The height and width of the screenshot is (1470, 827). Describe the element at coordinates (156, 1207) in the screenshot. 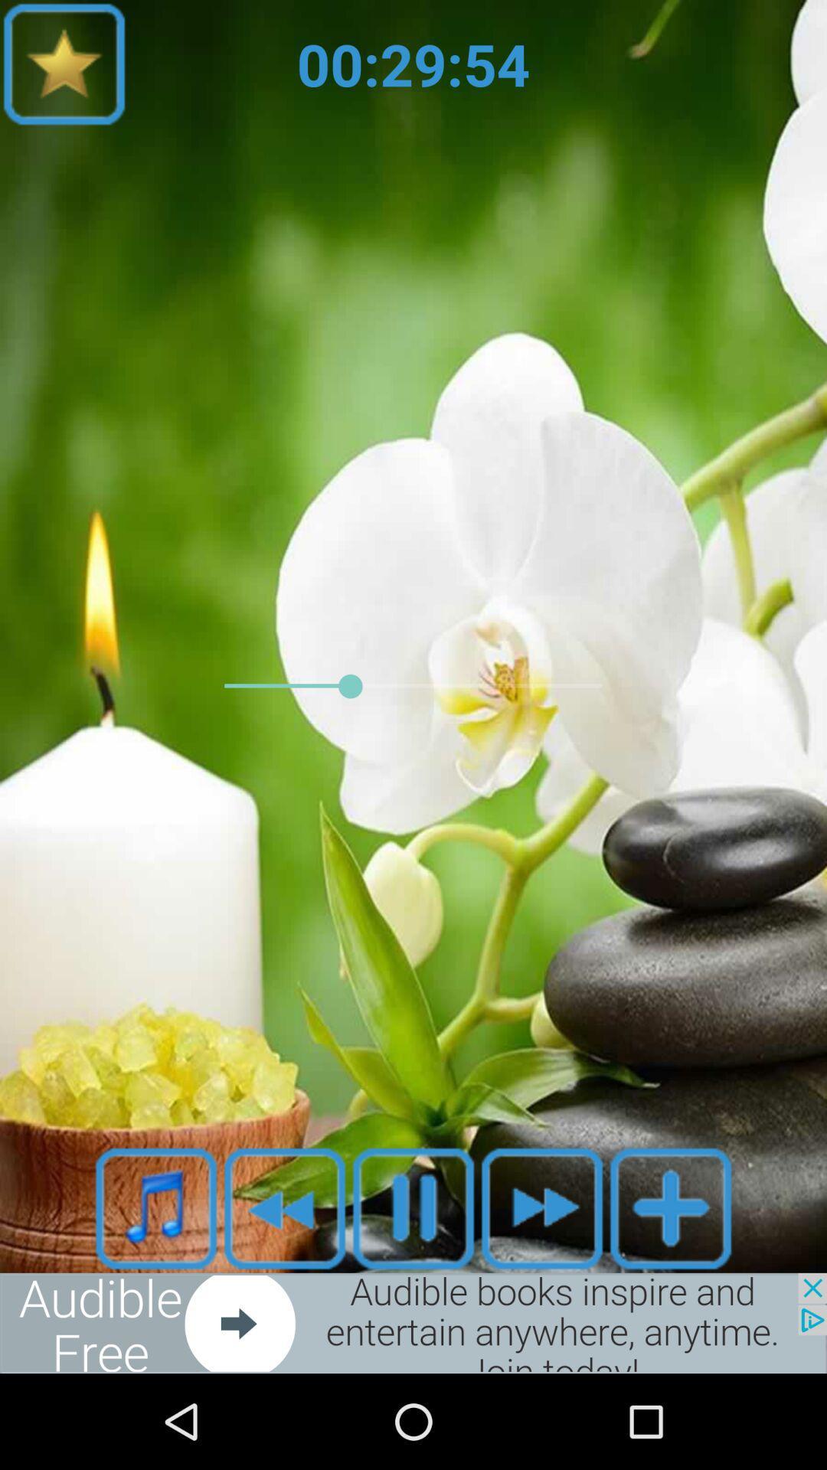

I see `music button` at that location.